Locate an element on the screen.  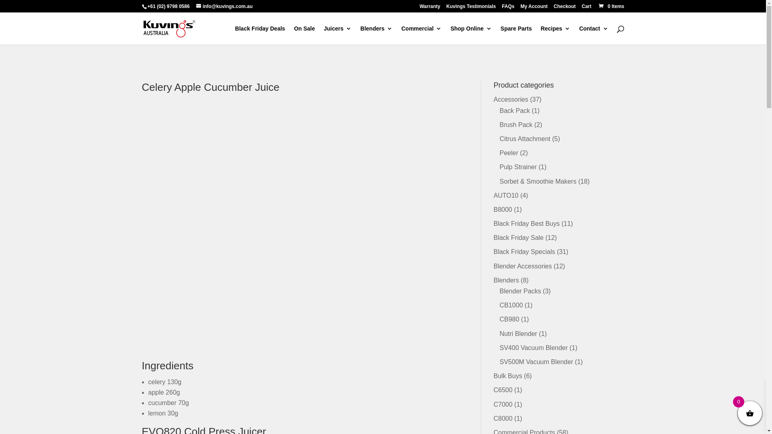
'Black Friday Best Buys' is located at coordinates (526, 223).